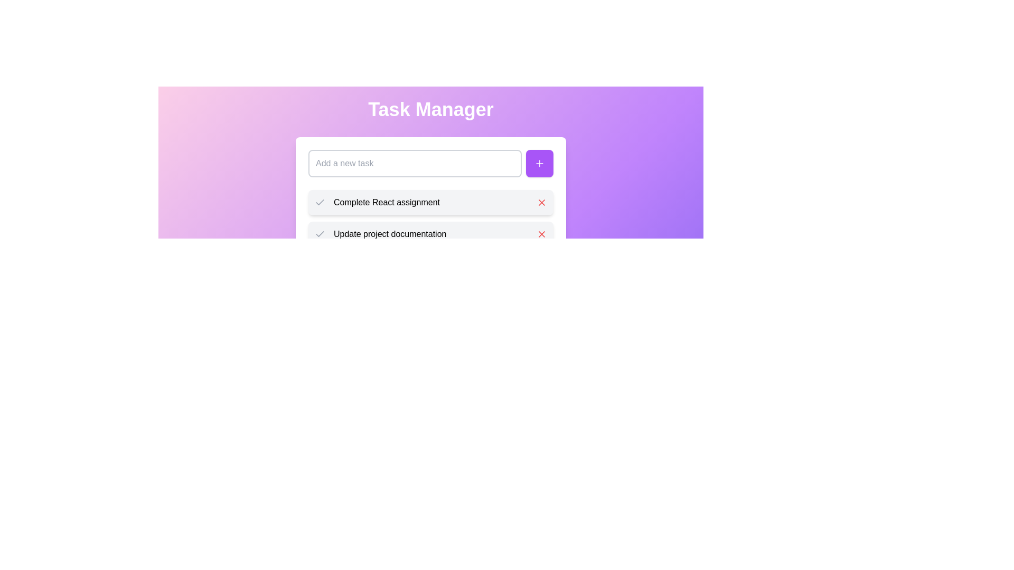  What do you see at coordinates (431, 110) in the screenshot?
I see `the Header or Title Label indicating the task management context, located at the top center of the interface` at bounding box center [431, 110].